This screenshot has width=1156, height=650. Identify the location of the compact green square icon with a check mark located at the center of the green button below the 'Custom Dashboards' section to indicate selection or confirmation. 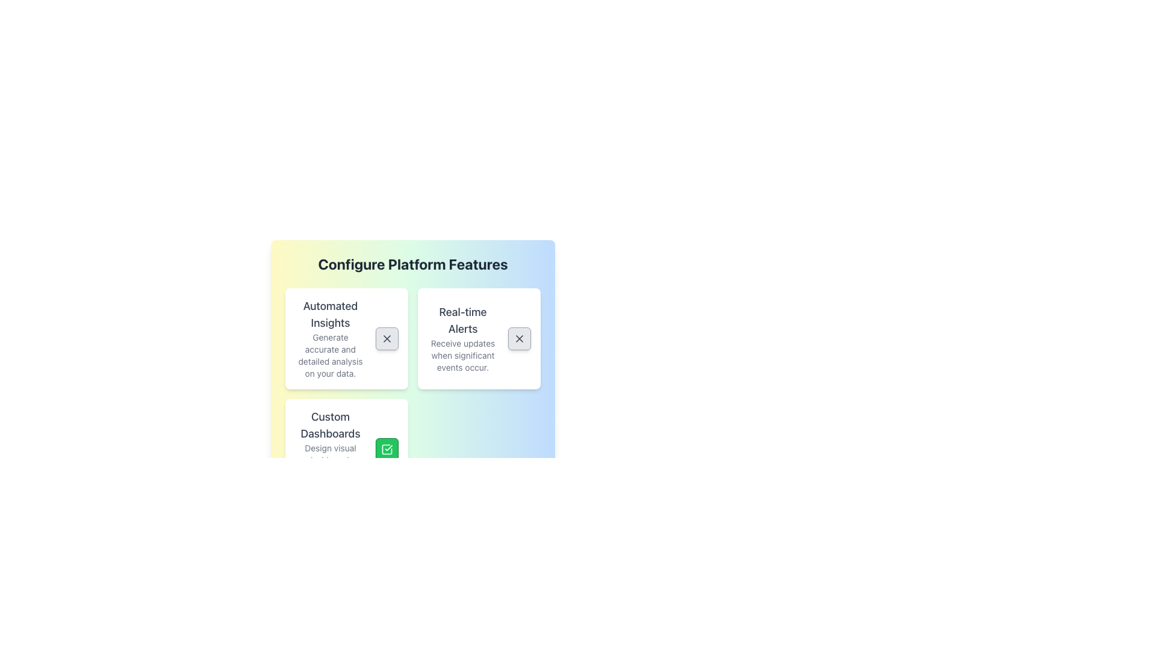
(387, 450).